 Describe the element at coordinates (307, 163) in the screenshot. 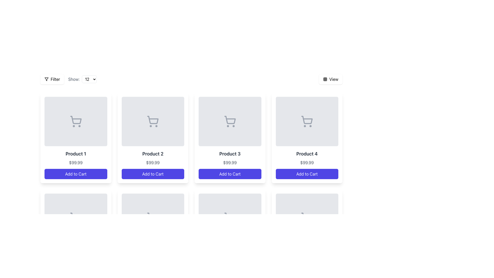

I see `price text displayed in the fourth product card, located below the product title 'Product 4' and above the 'Add to Cart' button` at that location.